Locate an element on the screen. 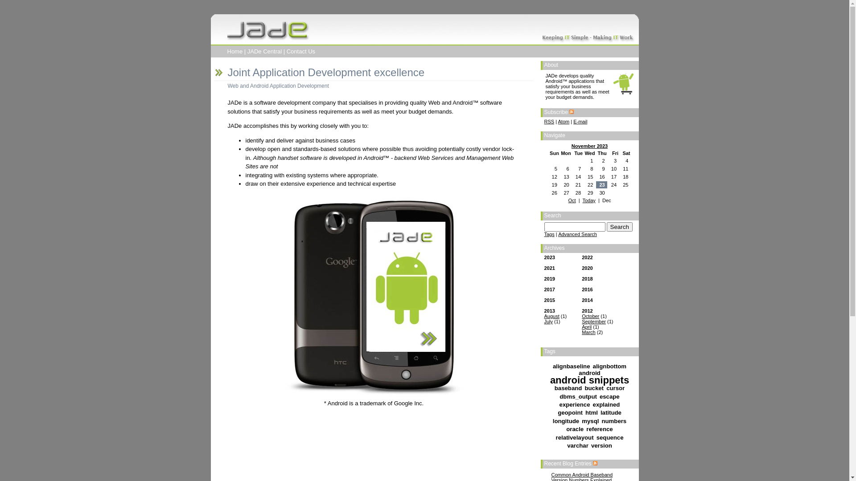 The image size is (856, 481). 'numbers' is located at coordinates (613, 421).